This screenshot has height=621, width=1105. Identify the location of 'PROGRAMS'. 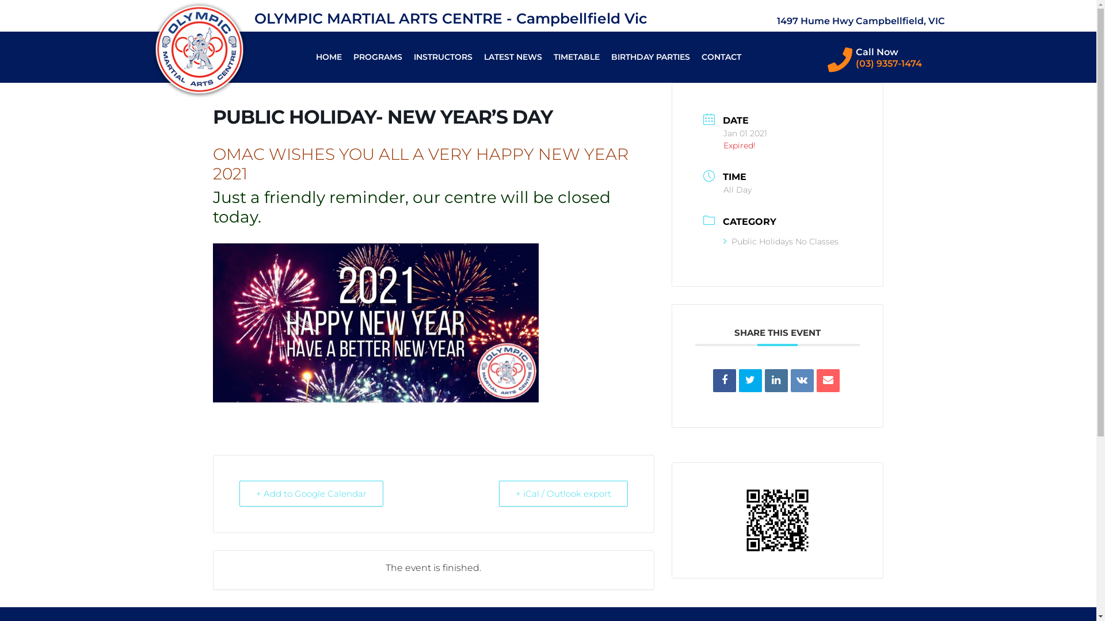
(378, 57).